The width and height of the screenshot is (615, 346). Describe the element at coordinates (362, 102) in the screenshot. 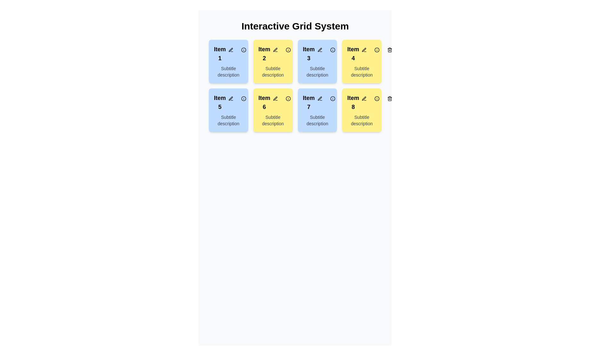

I see `the icons adjacent to the 'Item 8' text label for editing functions` at that location.